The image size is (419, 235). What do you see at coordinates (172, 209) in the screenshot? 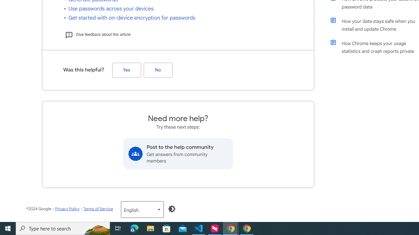
I see `'Enable Dark Mode'` at bounding box center [172, 209].